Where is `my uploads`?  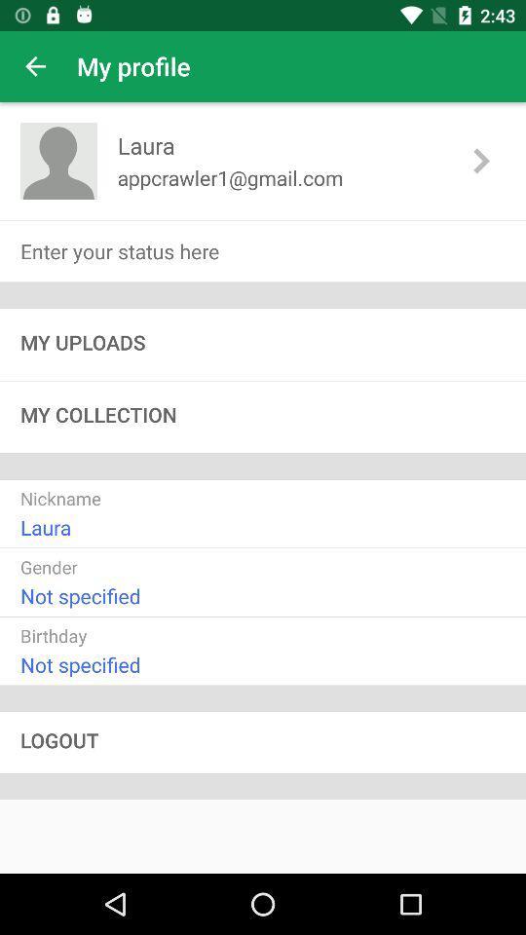
my uploads is located at coordinates (263, 344).